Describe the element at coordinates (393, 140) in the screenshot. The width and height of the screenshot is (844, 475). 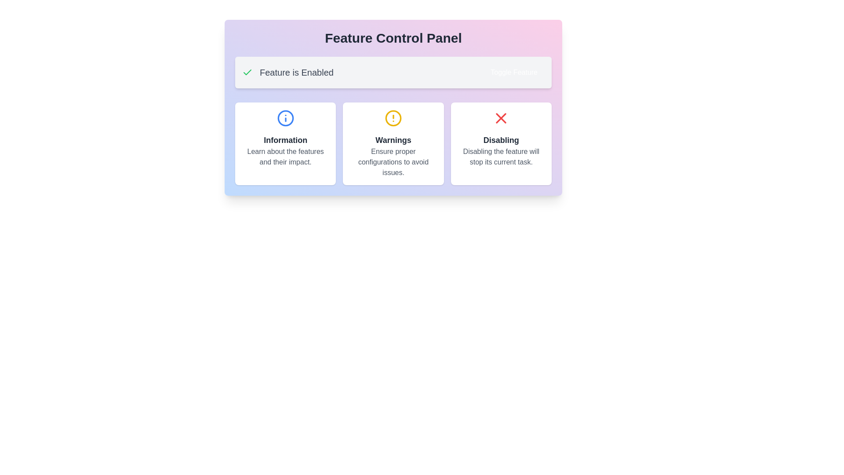
I see `the Text Label displaying 'Warnings', which is styled in a large, bold, gray-colored font and positioned centrally within the warning card component` at that location.